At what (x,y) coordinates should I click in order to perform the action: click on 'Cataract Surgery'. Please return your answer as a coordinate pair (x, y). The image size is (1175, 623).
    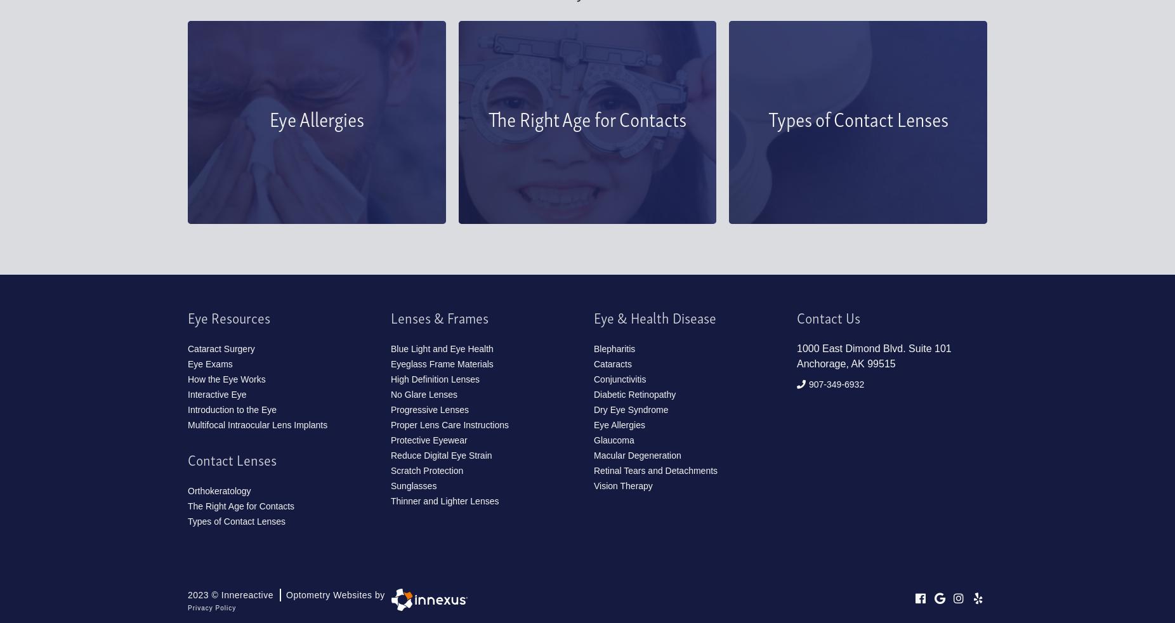
    Looking at the image, I should click on (221, 348).